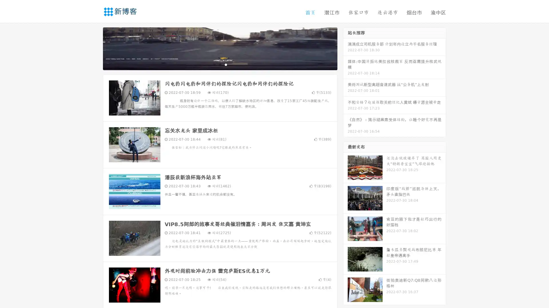  Describe the element at coordinates (94, 48) in the screenshot. I see `Previous slide` at that location.